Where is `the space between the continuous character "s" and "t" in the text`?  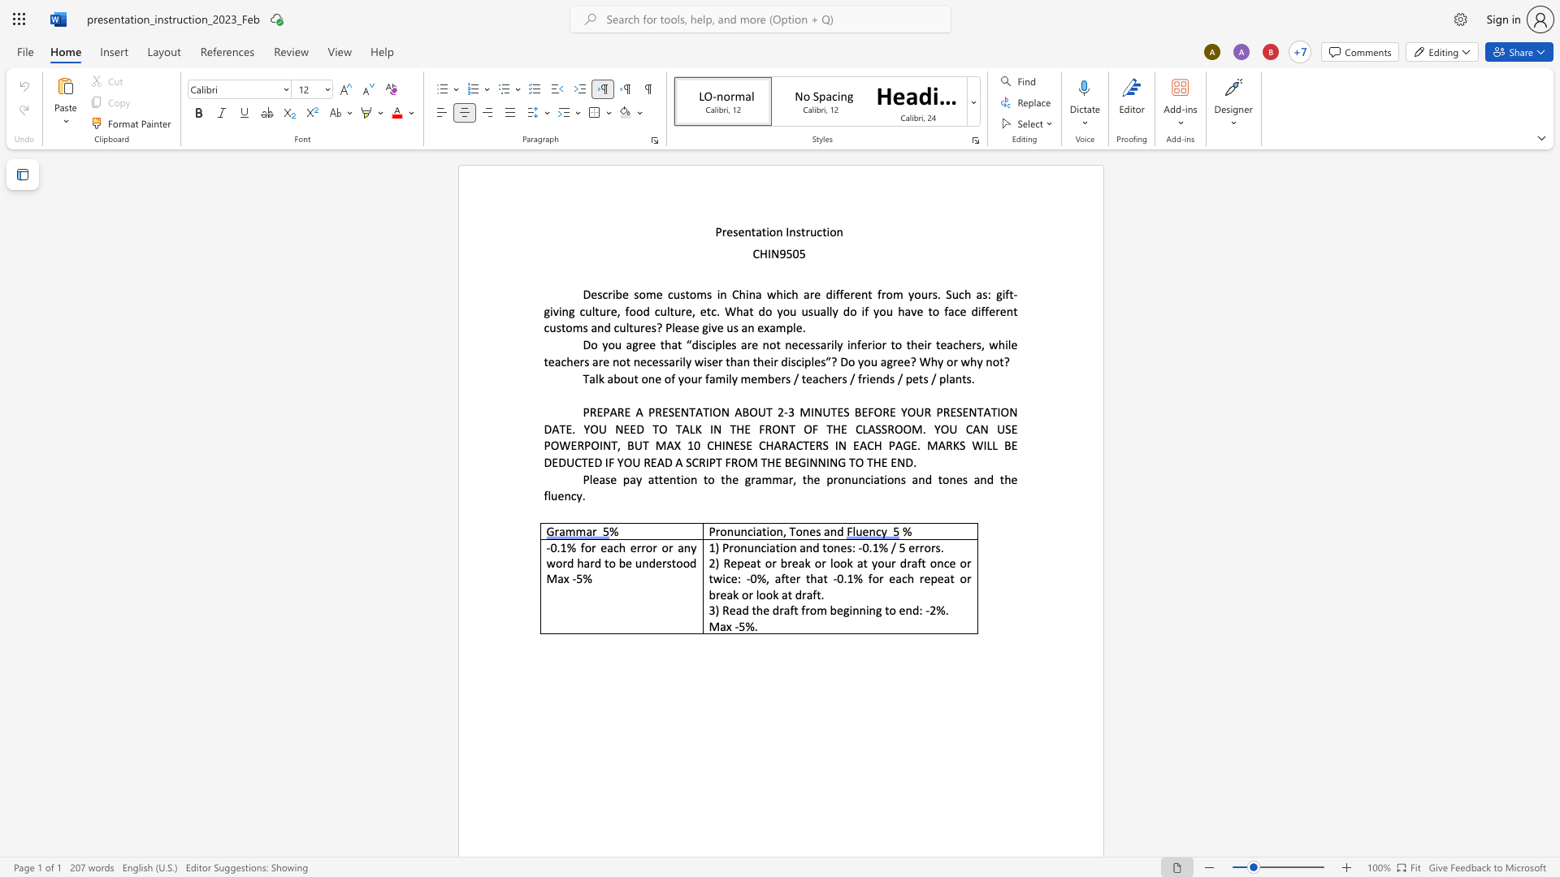
the space between the continuous character "s" and "t" in the text is located at coordinates (800, 231).